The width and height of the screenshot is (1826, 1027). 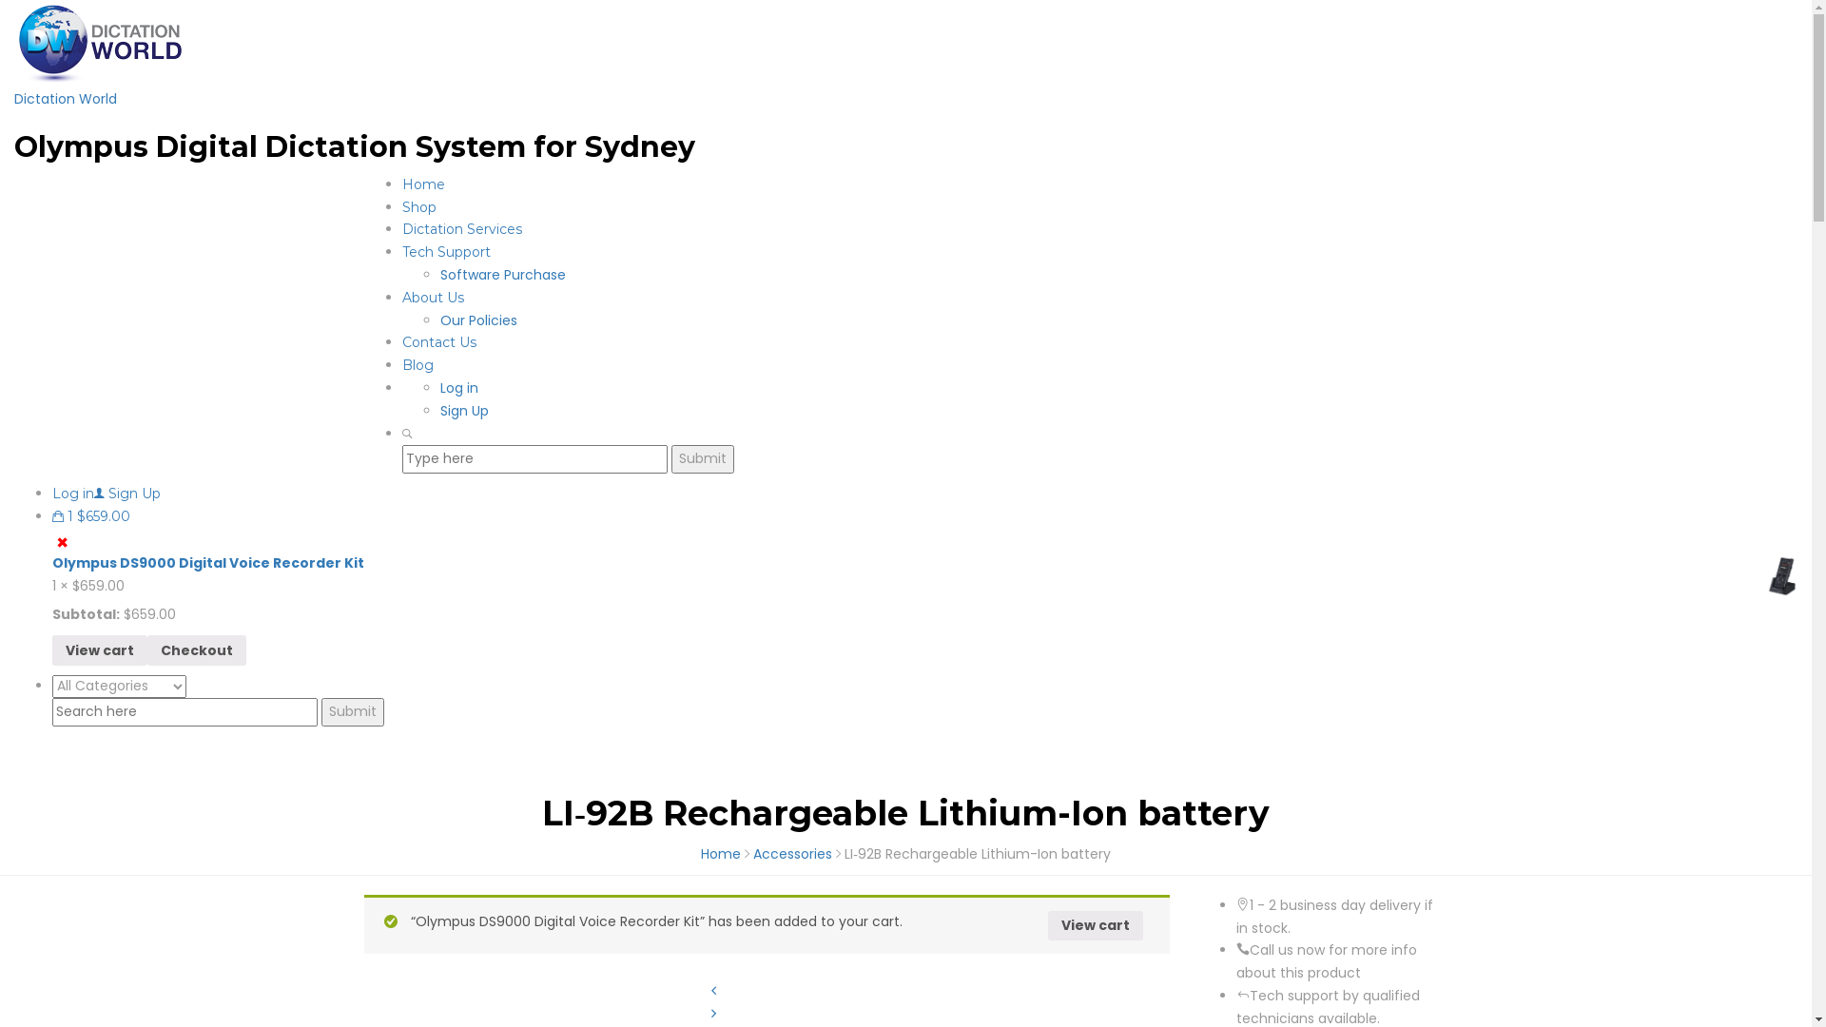 What do you see at coordinates (77, 493) in the screenshot?
I see `'Log in'` at bounding box center [77, 493].